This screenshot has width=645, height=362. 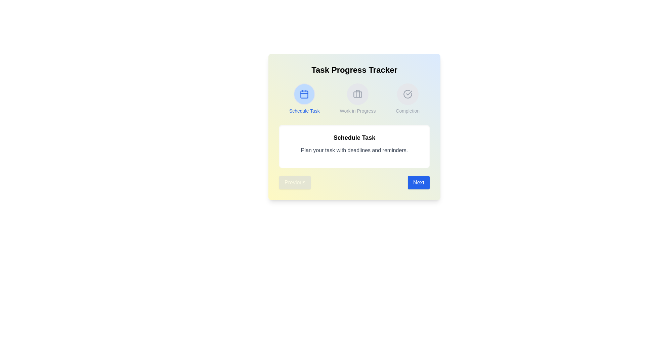 I want to click on the step icon corresponding to Work in Progress, so click(x=357, y=94).